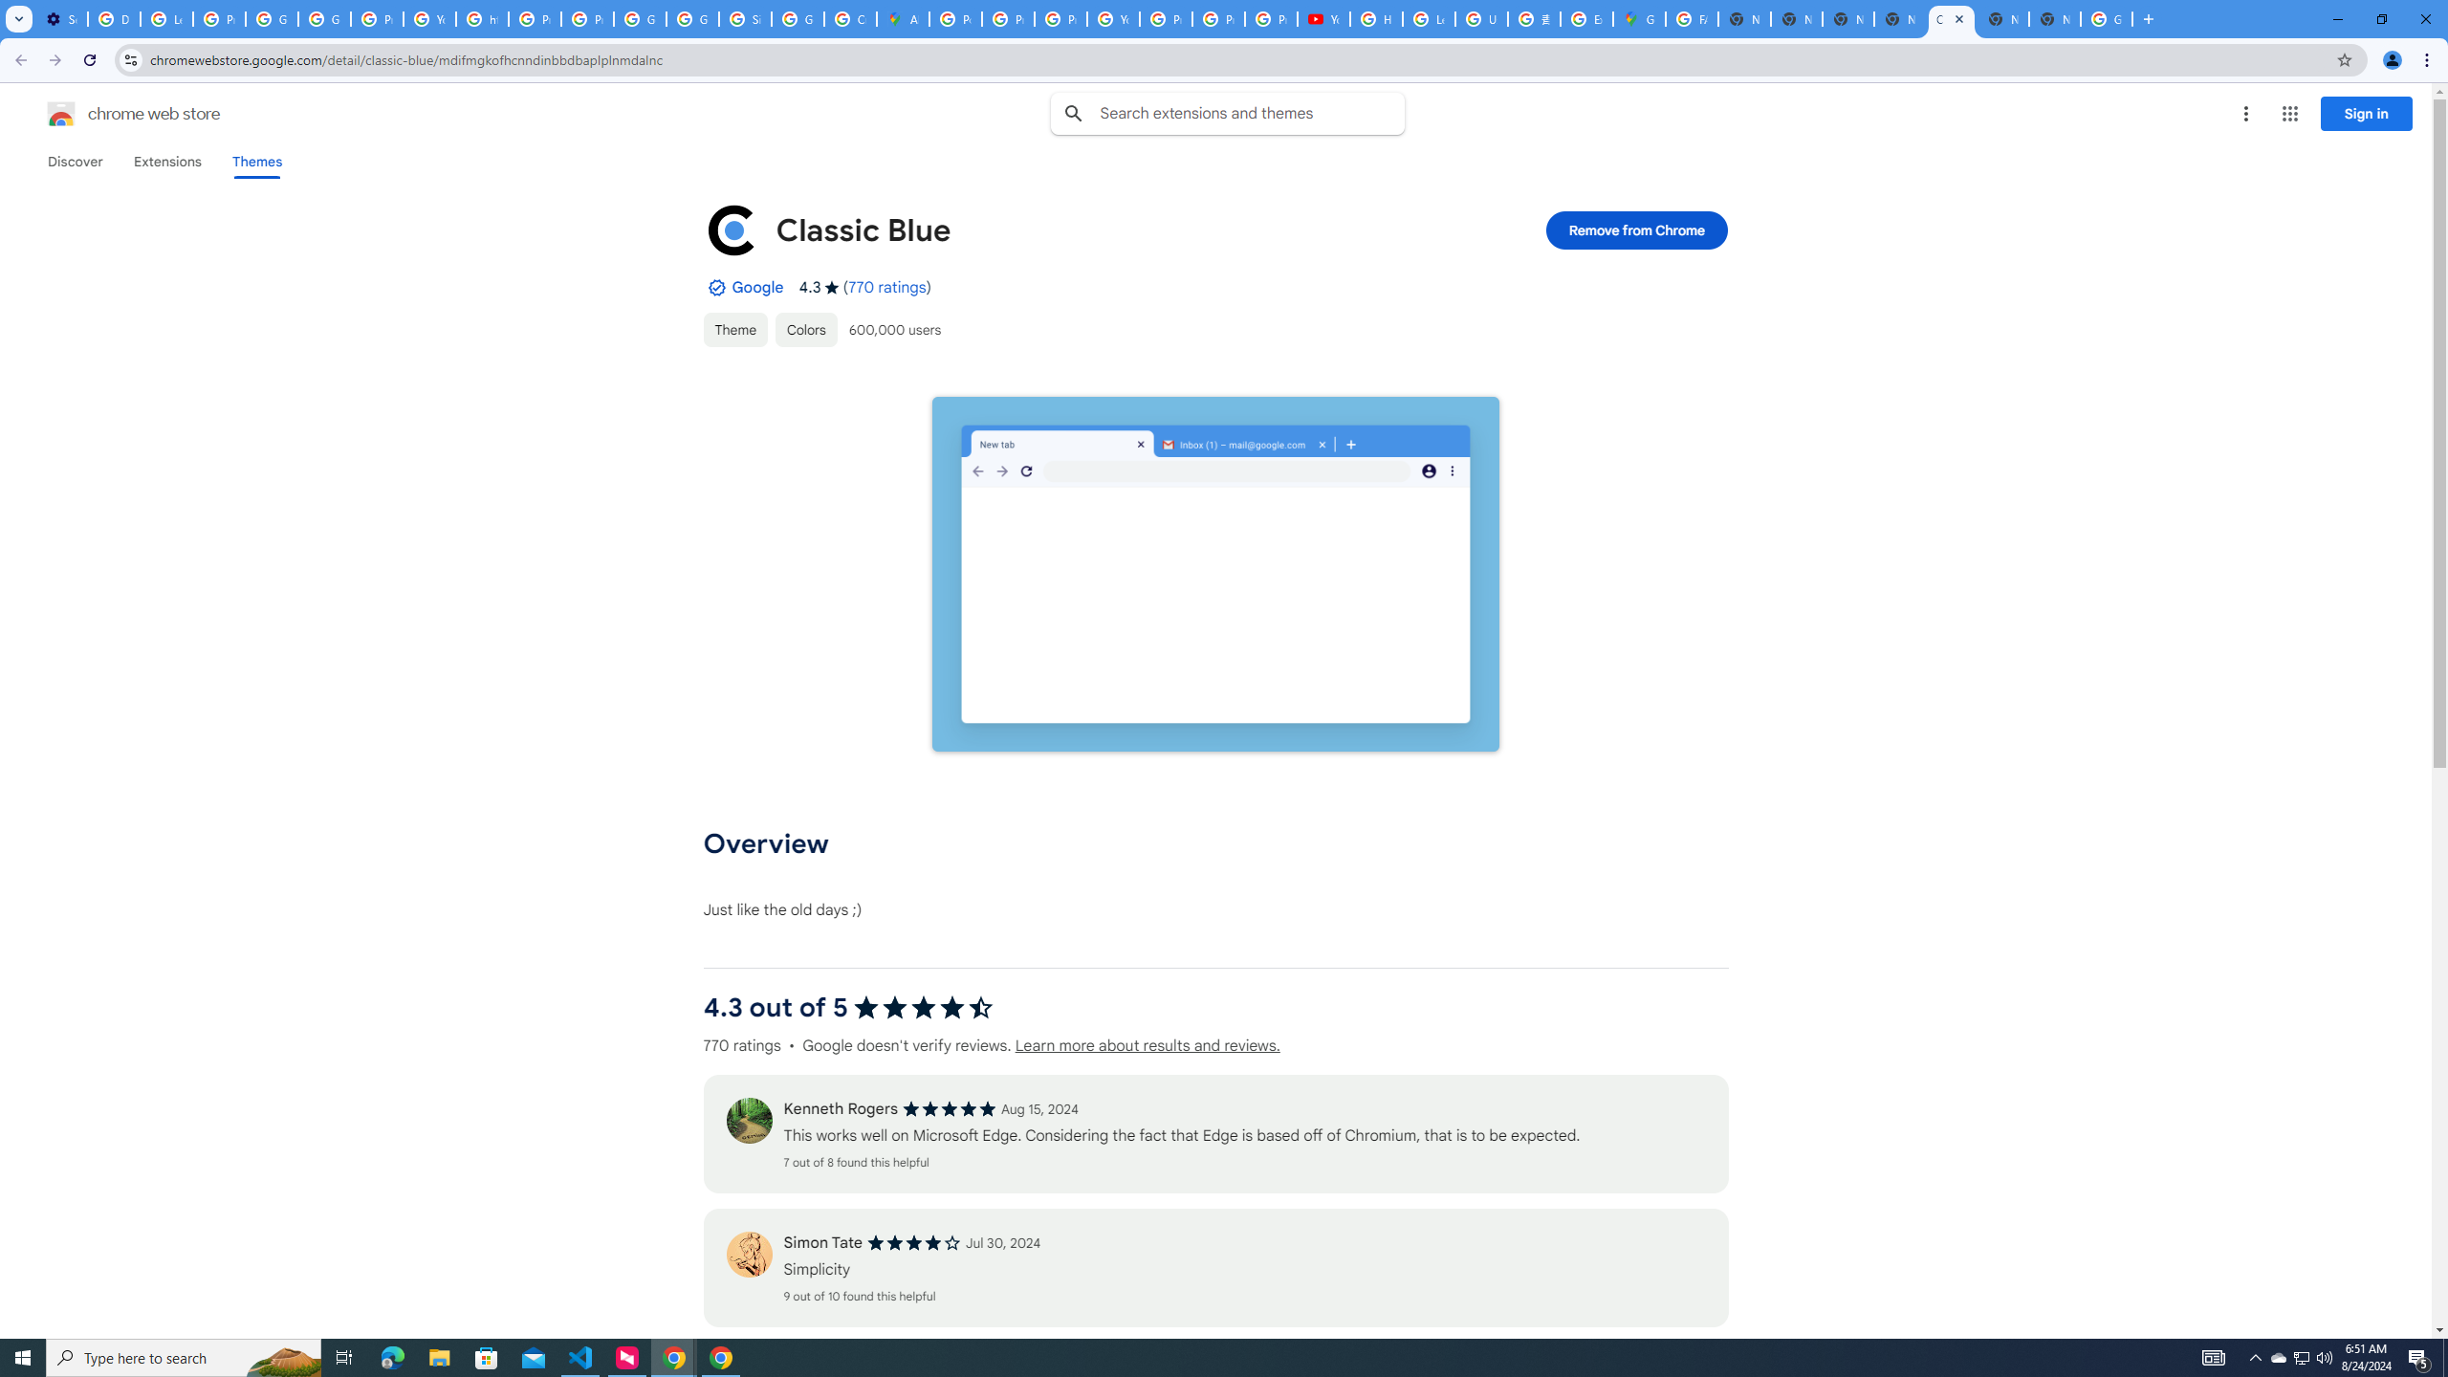 This screenshot has height=1377, width=2448. Describe the element at coordinates (1215, 574) in the screenshot. I see `'Item media 1 screenshot'` at that location.